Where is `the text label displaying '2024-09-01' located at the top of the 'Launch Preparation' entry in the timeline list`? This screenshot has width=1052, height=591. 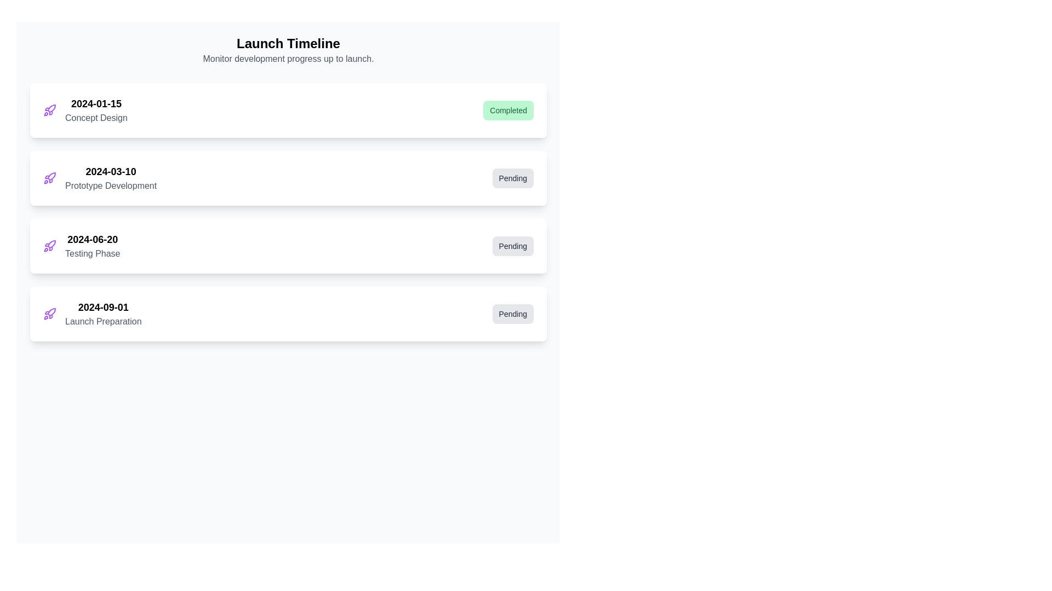
the text label displaying '2024-09-01' located at the top of the 'Launch Preparation' entry in the timeline list is located at coordinates (103, 308).